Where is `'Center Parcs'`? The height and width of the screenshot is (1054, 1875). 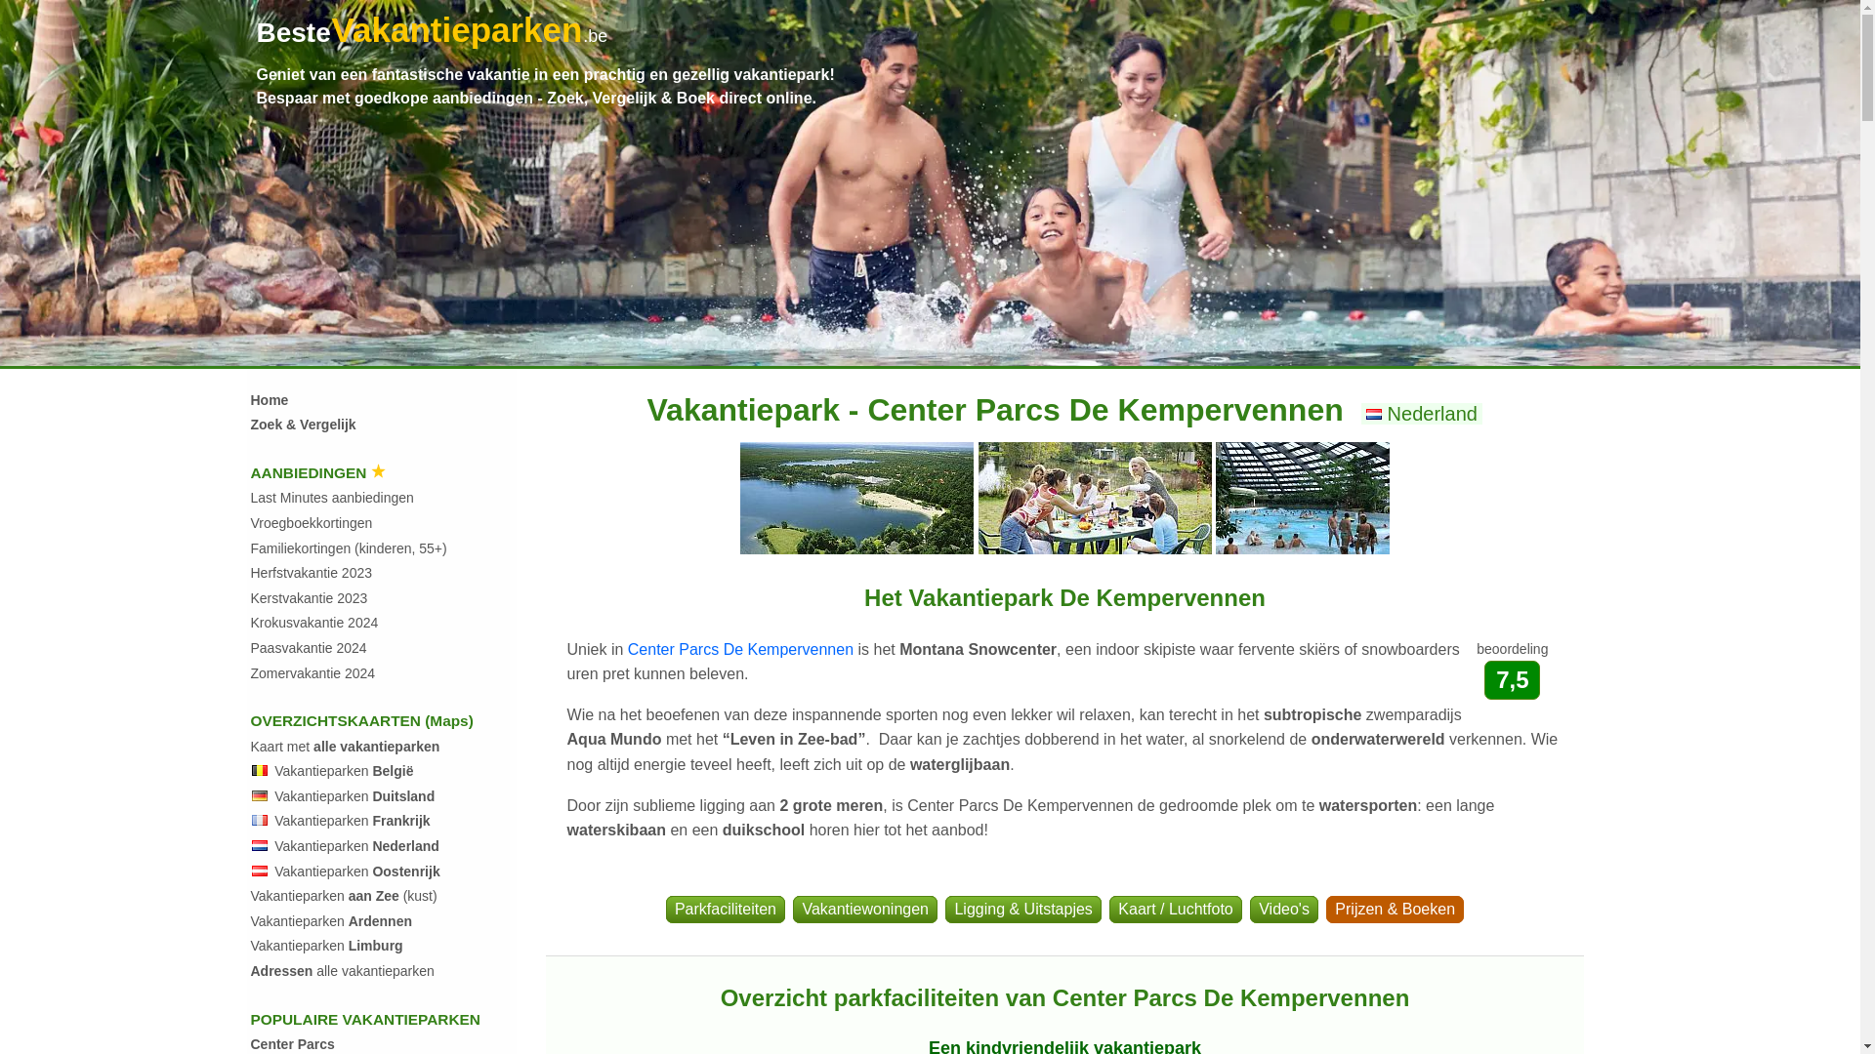 'Center Parcs' is located at coordinates (290, 1042).